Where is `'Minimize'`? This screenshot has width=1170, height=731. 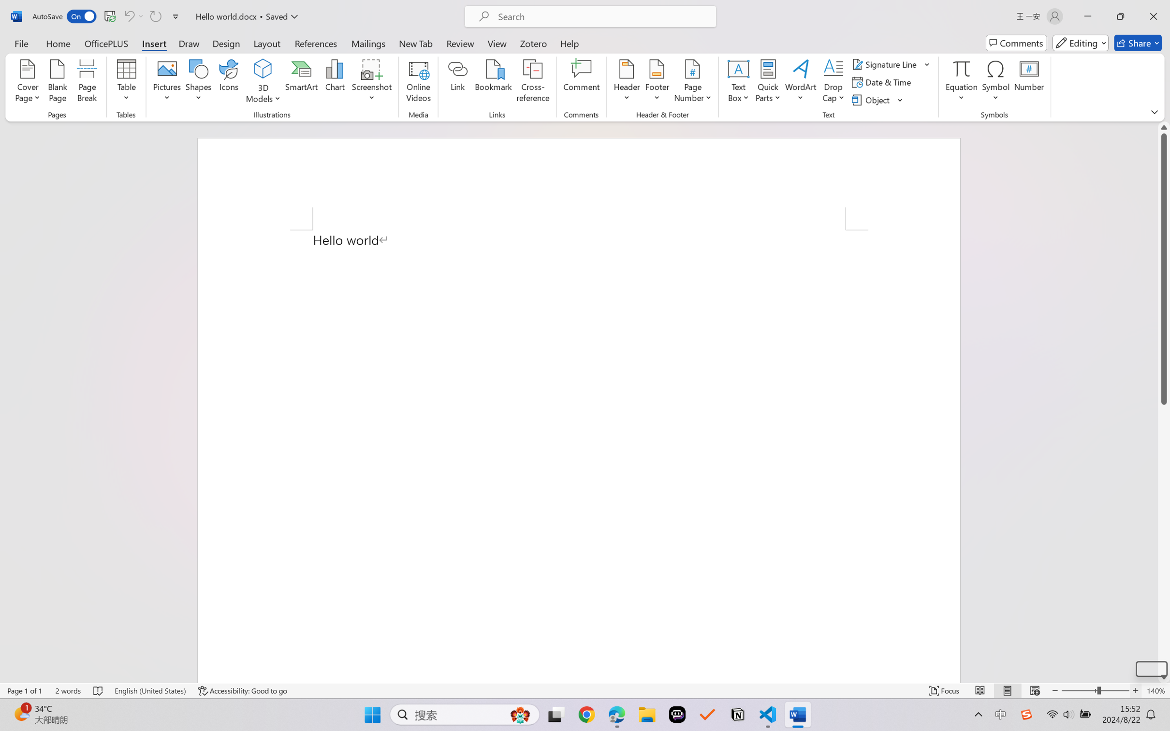
'Minimize' is located at coordinates (1088, 16).